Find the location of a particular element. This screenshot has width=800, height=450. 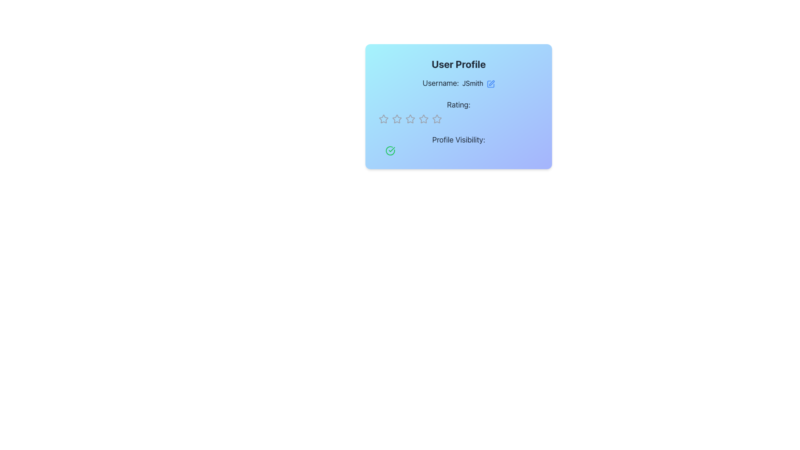

third star icon in the rating system, which is light gray and hollow, located under the 'Rating:' label in the 'User Profile' section, for debugging purposes is located at coordinates (437, 119).